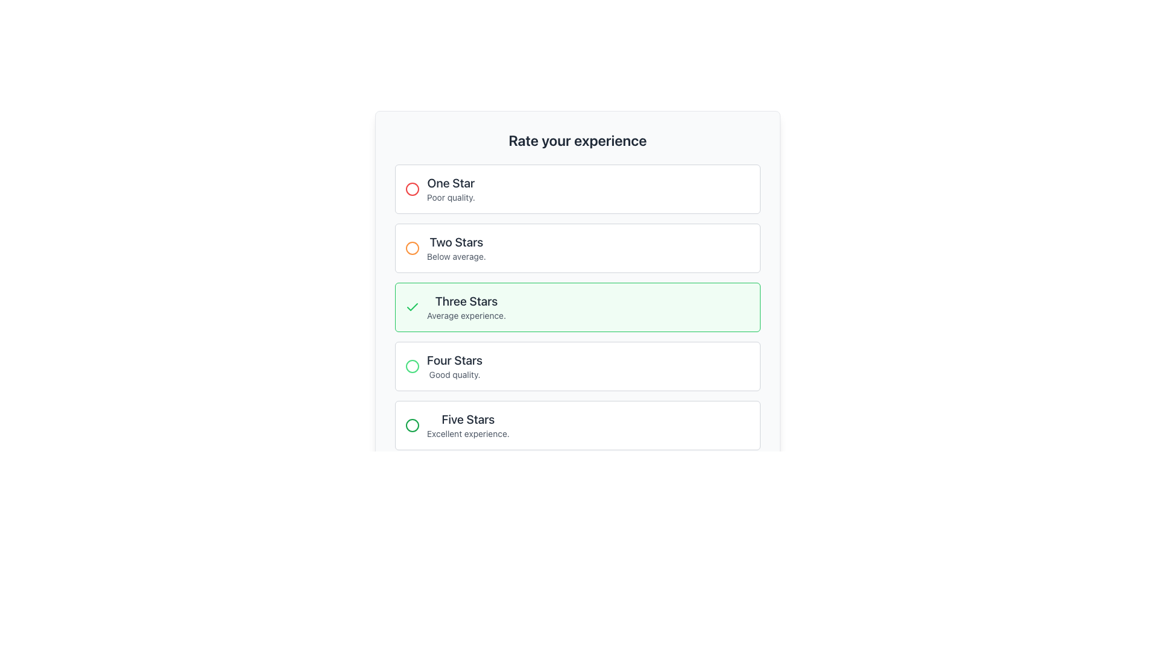 The image size is (1158, 651). I want to click on the circular icon representing the 'Two Stars' rating option, which is centrally aligned on the left side of the rating section, so click(413, 248).